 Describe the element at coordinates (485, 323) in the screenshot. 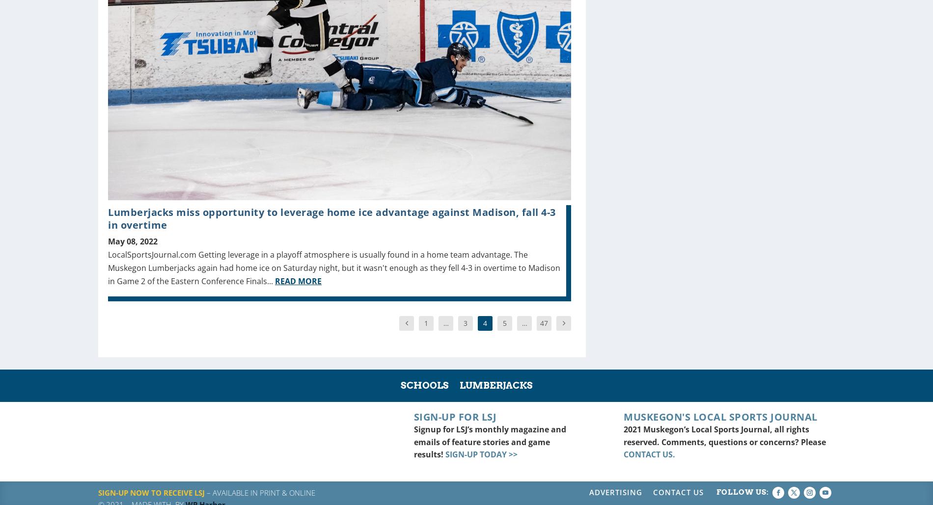

I see `'4'` at that location.